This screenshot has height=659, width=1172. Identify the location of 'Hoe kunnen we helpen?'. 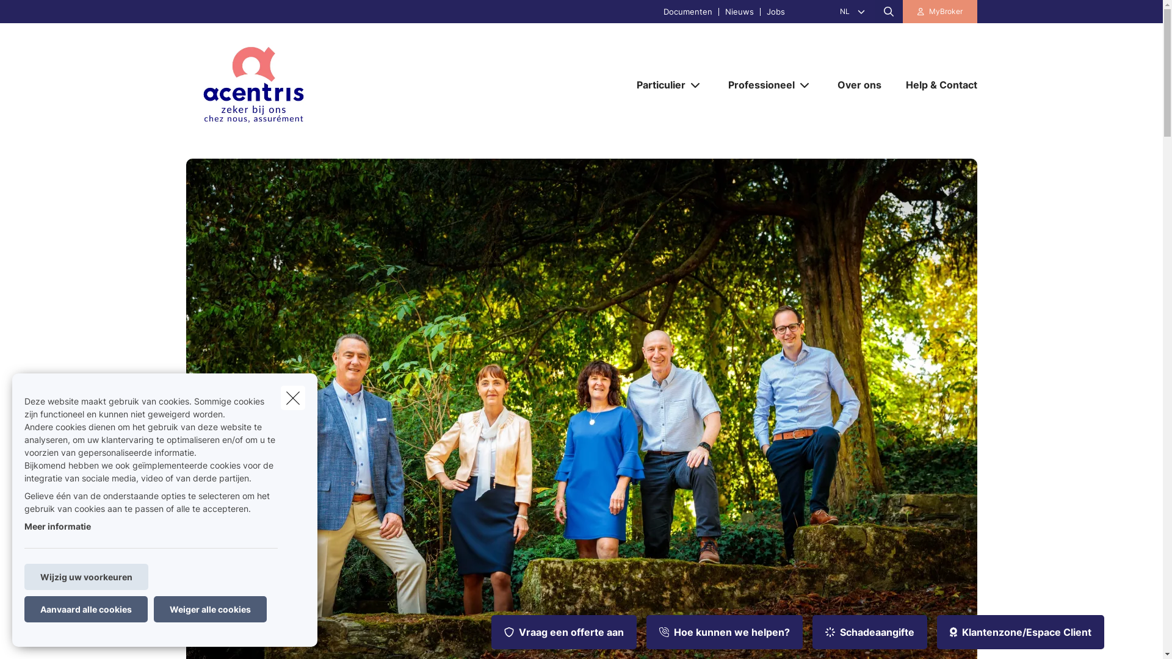
(724, 632).